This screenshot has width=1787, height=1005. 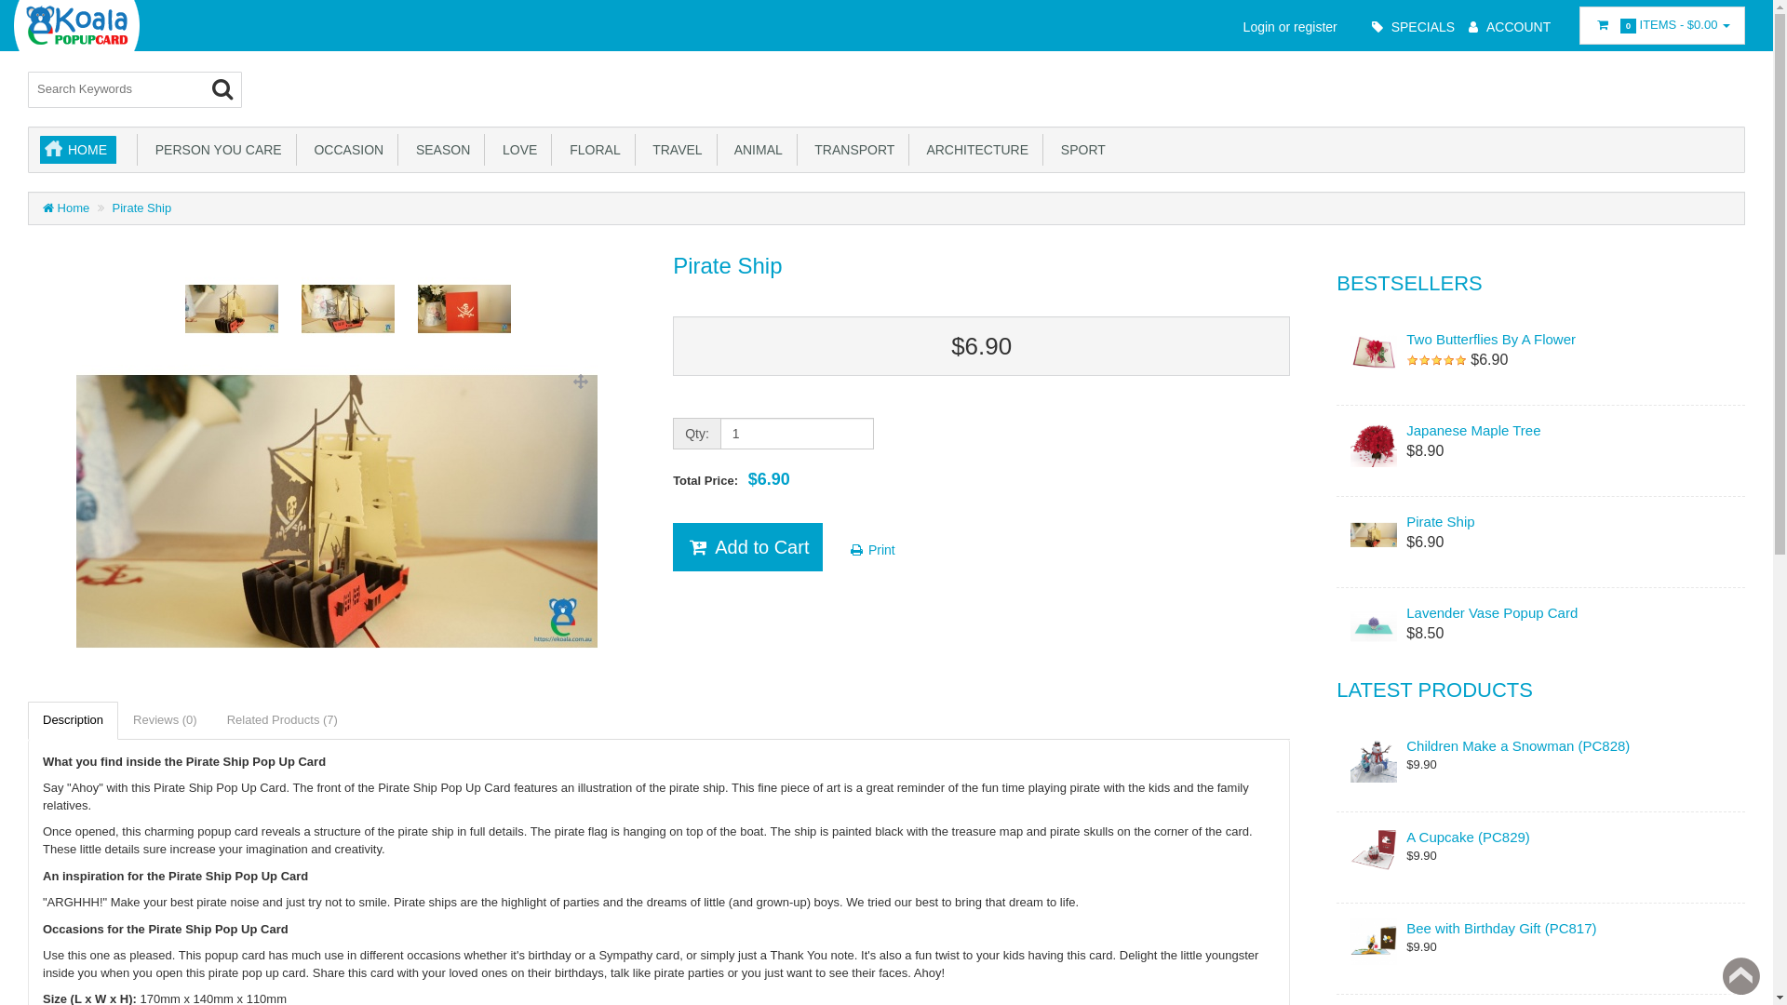 I want to click on '  ANIMAL', so click(x=758, y=149).